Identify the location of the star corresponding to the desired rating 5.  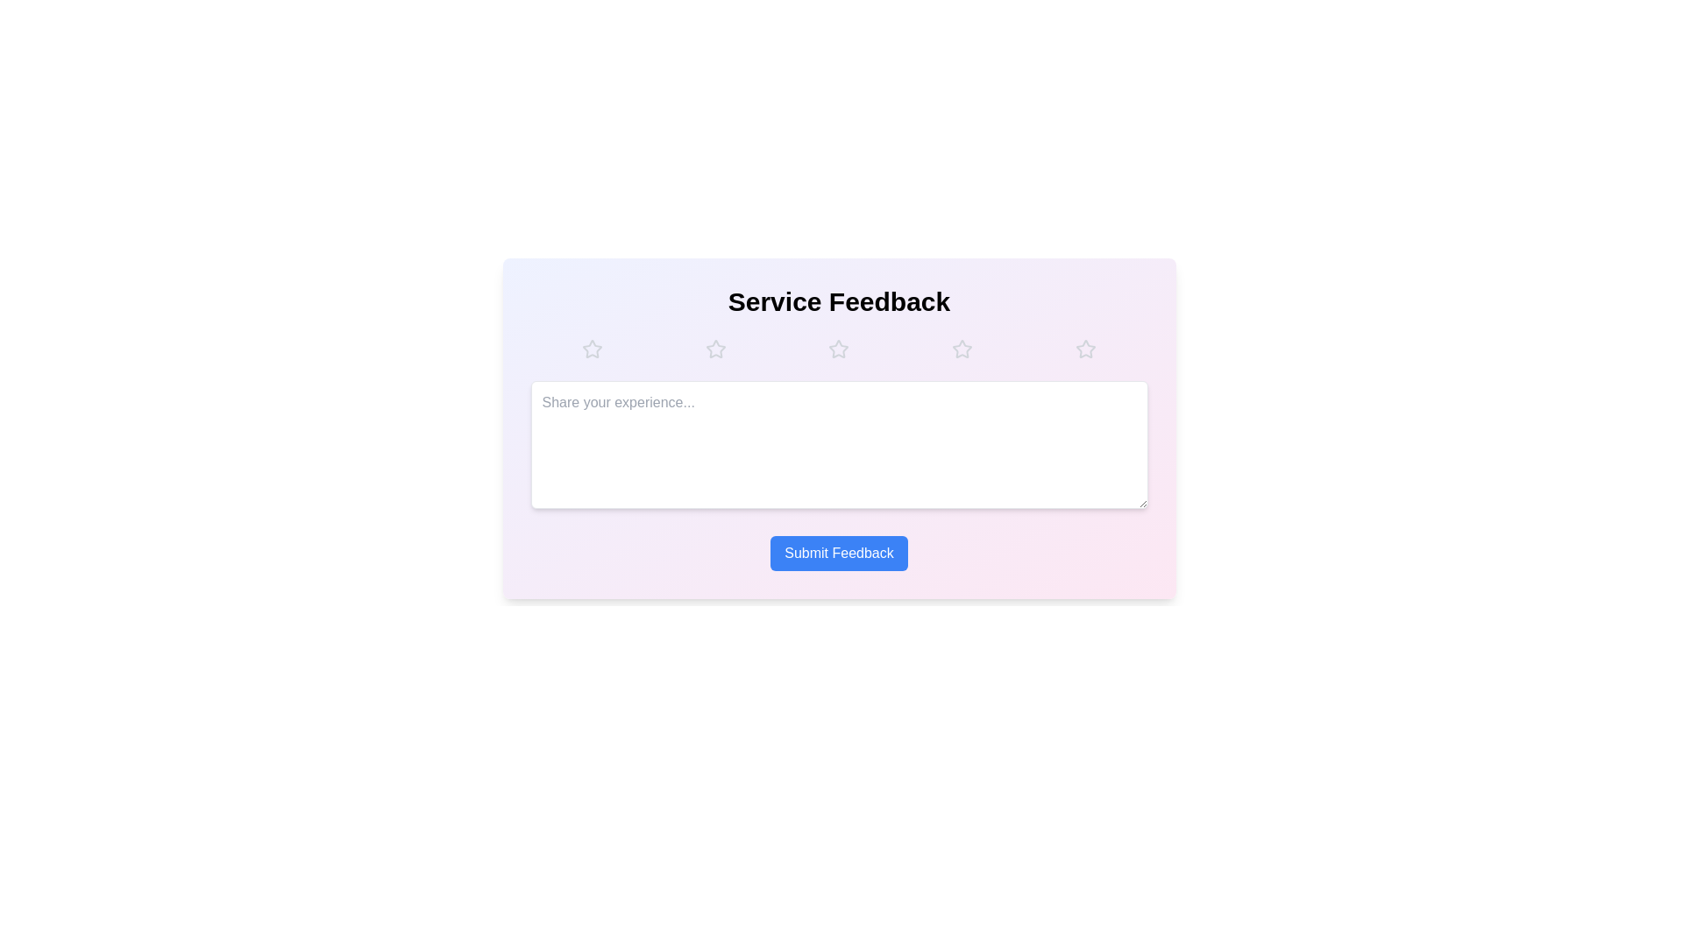
(1085, 349).